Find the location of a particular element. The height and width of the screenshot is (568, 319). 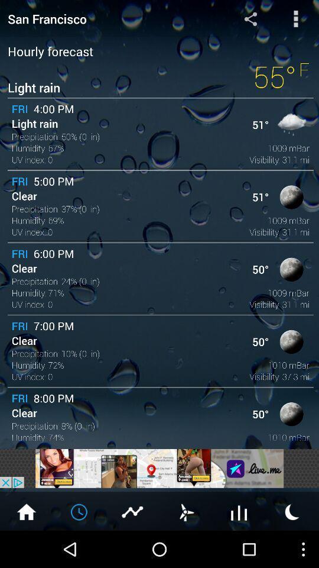

night mode is located at coordinates (292, 511).